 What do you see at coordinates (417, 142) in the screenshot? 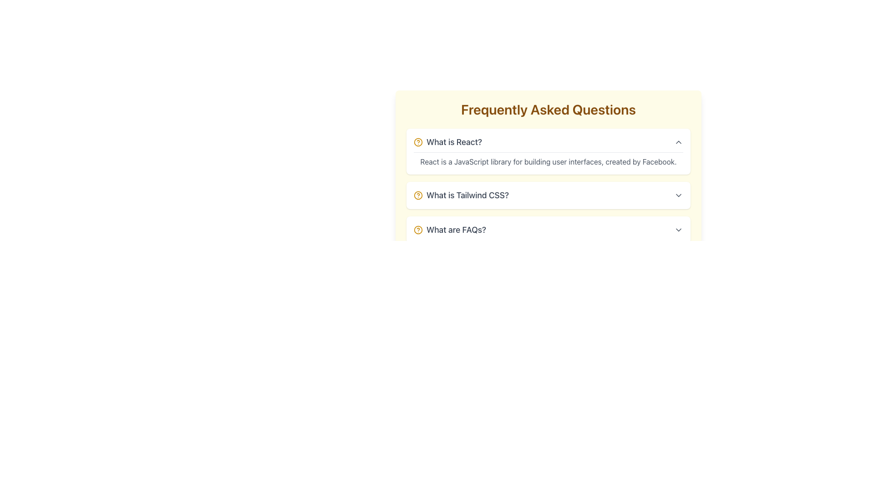
I see `the circular yellow help icon located before the text 'What is React?' in the FAQ list` at bounding box center [417, 142].